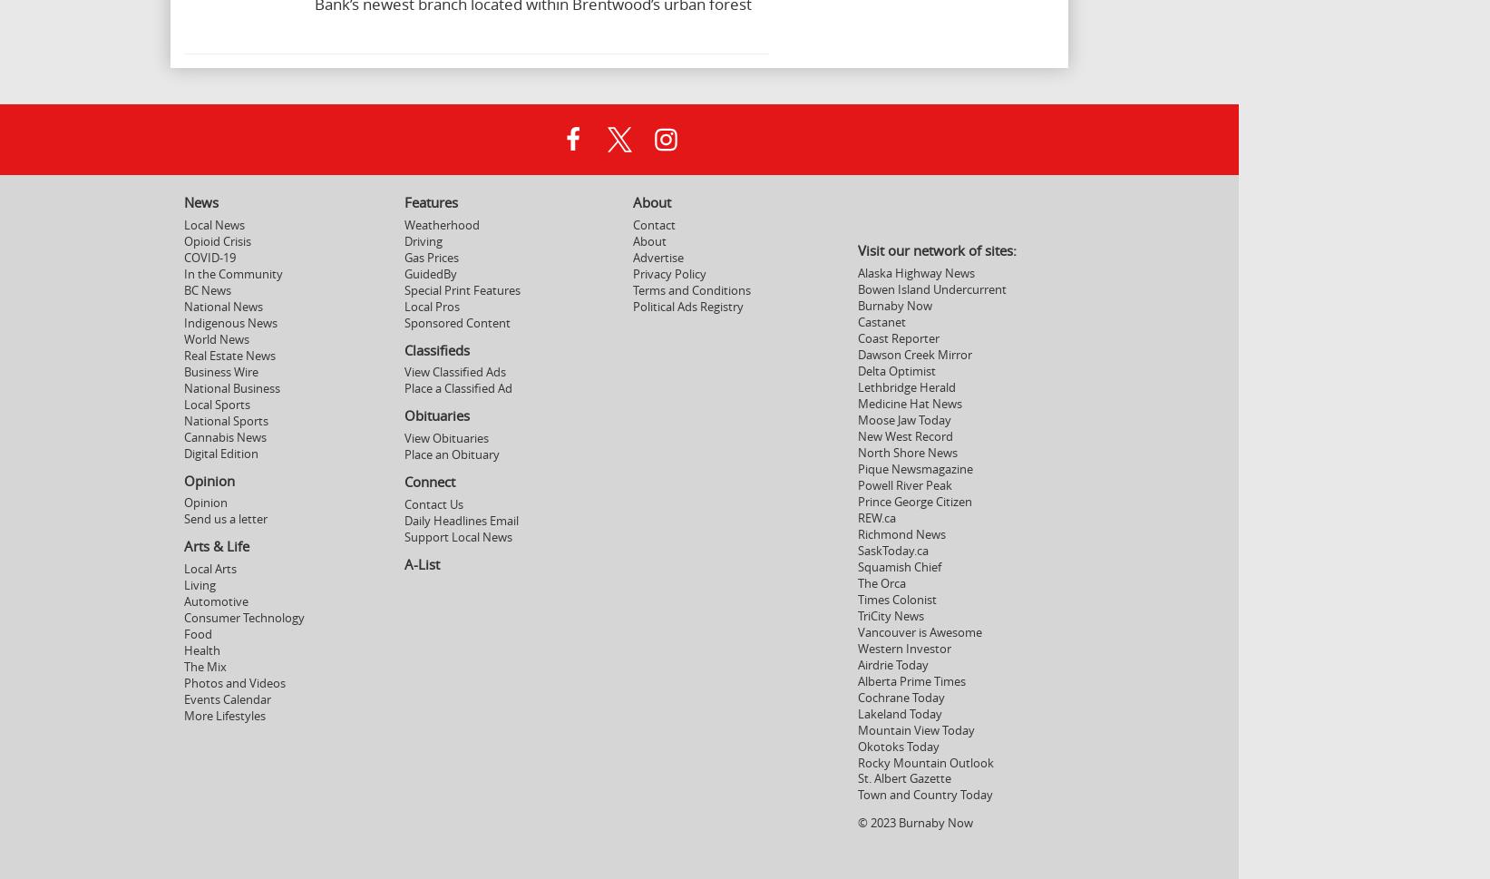  Describe the element at coordinates (461, 288) in the screenshot. I see `'Special Print Features'` at that location.